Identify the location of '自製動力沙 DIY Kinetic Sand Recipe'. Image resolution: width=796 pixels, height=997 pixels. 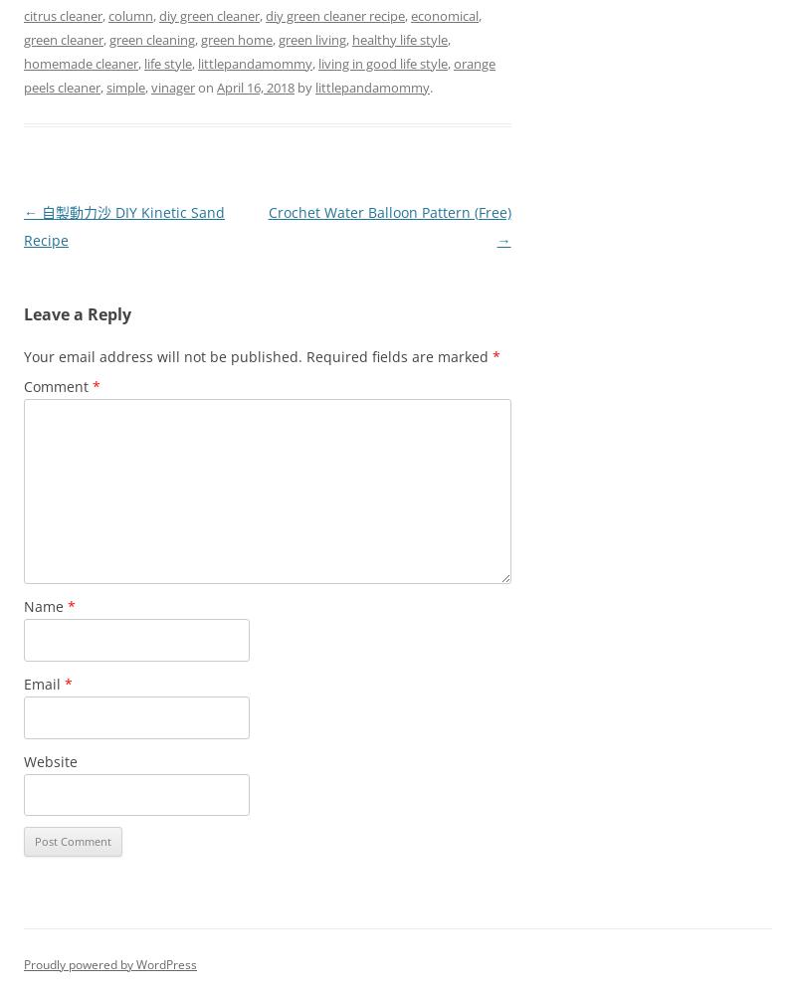
(122, 225).